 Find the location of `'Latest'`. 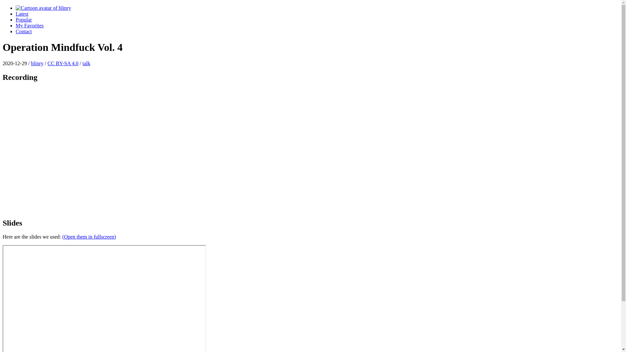

'Latest' is located at coordinates (22, 14).